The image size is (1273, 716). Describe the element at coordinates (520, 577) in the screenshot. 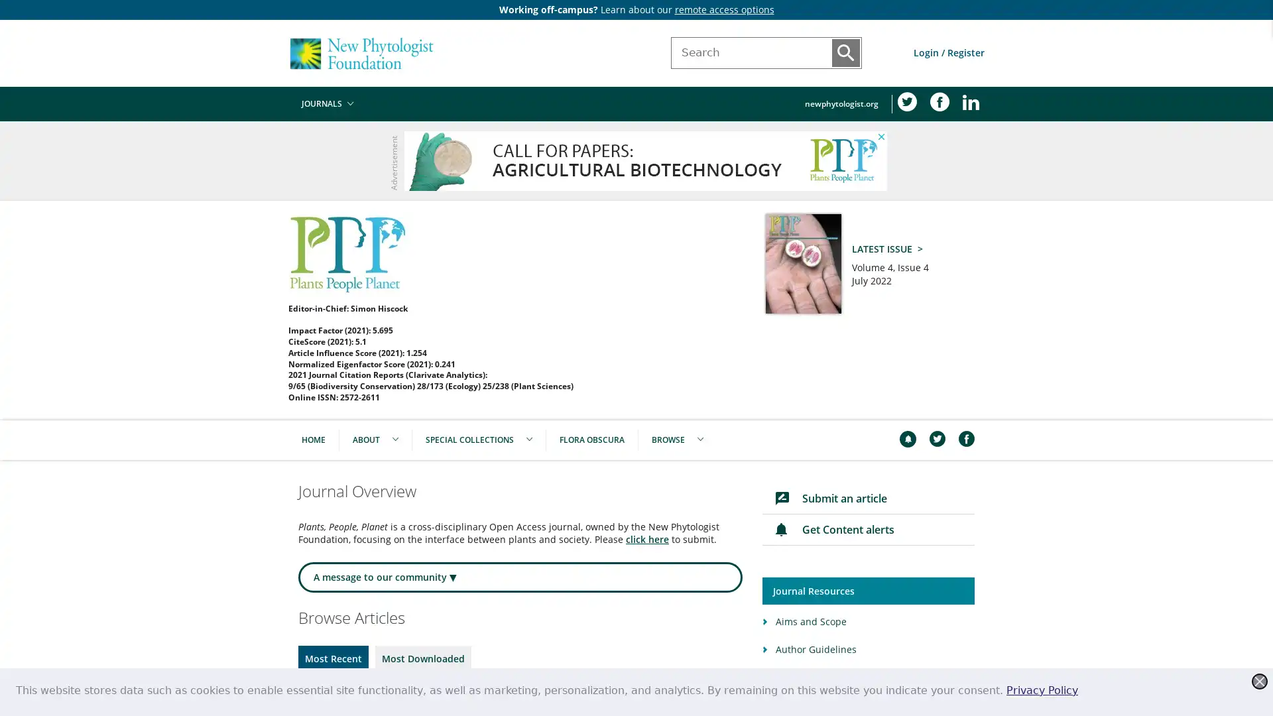

I see `A message to our community` at that location.